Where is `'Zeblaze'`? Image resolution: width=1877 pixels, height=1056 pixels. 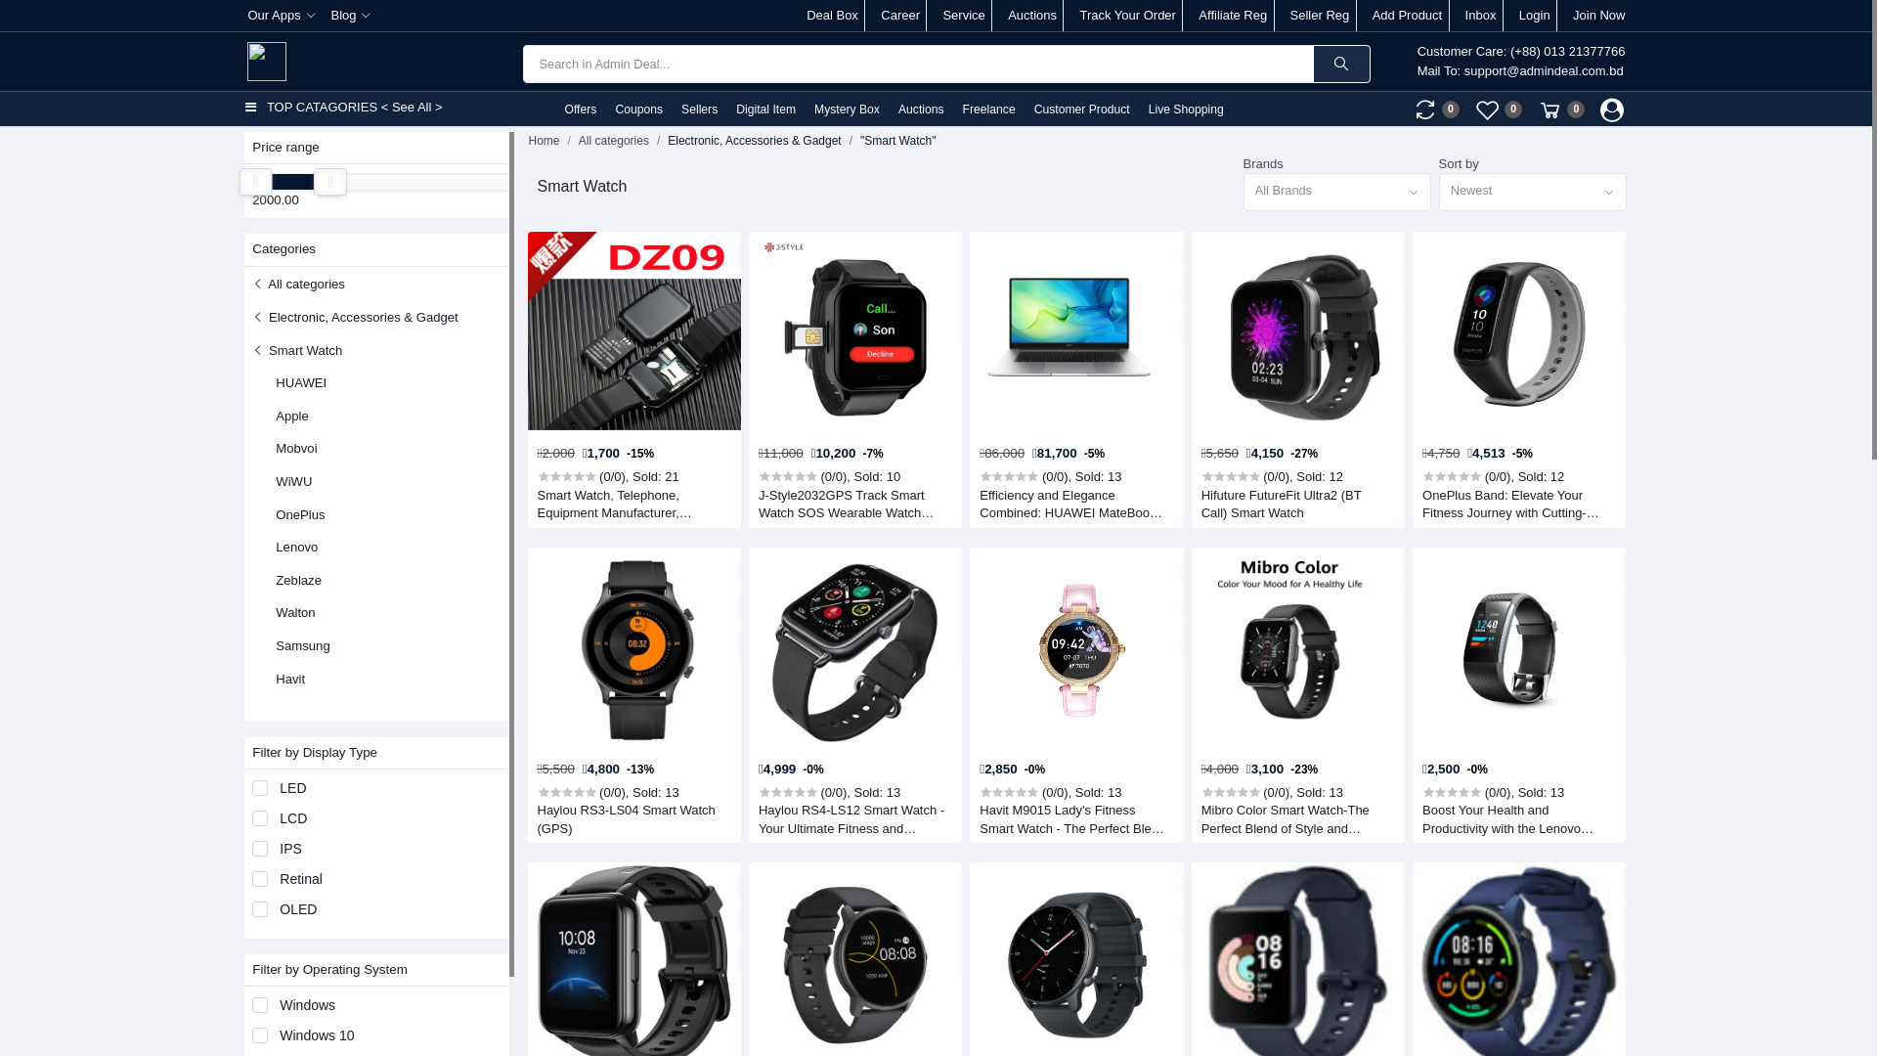
'Zeblaze' is located at coordinates (275, 579).